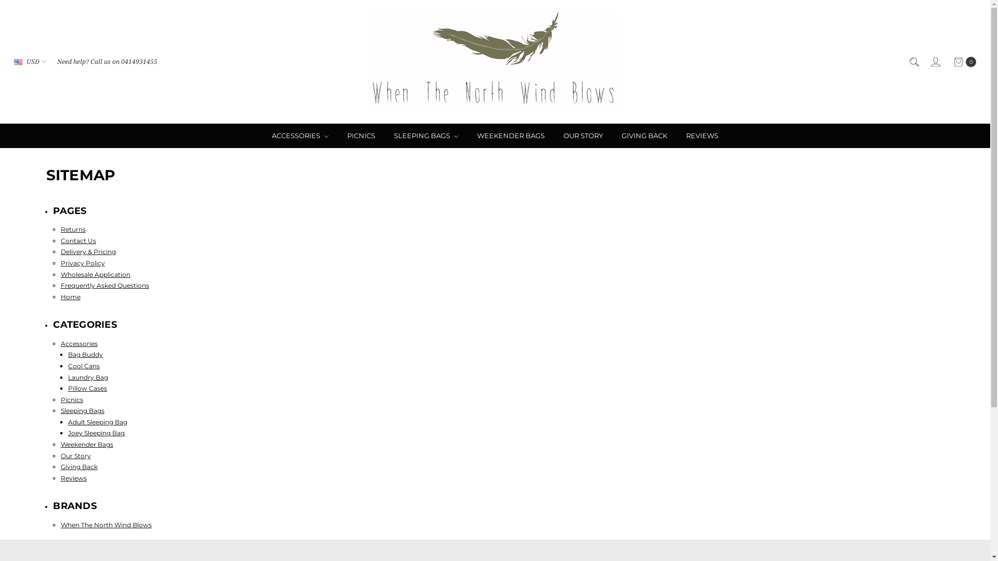 This screenshot has height=561, width=998. Describe the element at coordinates (511, 135) in the screenshot. I see `'WEEKENDER BAGS'` at that location.